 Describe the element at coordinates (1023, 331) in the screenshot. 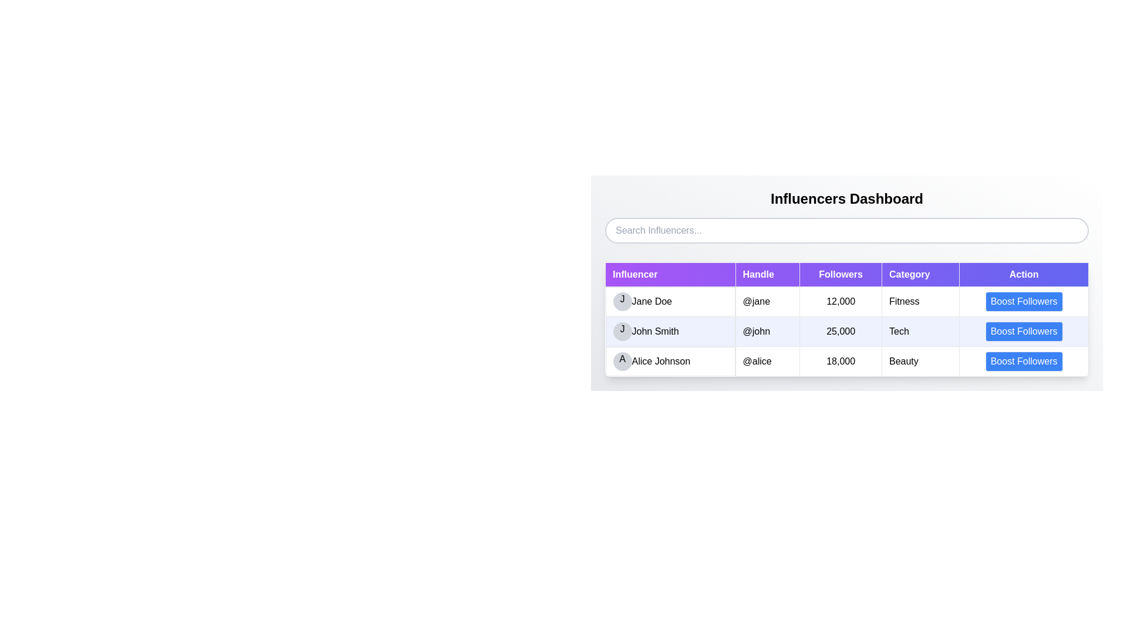

I see `the 'Boost Followers' button, which is a rectangular button with a blue background and white text, located in the rightmost column of the second row of the table layout` at that location.